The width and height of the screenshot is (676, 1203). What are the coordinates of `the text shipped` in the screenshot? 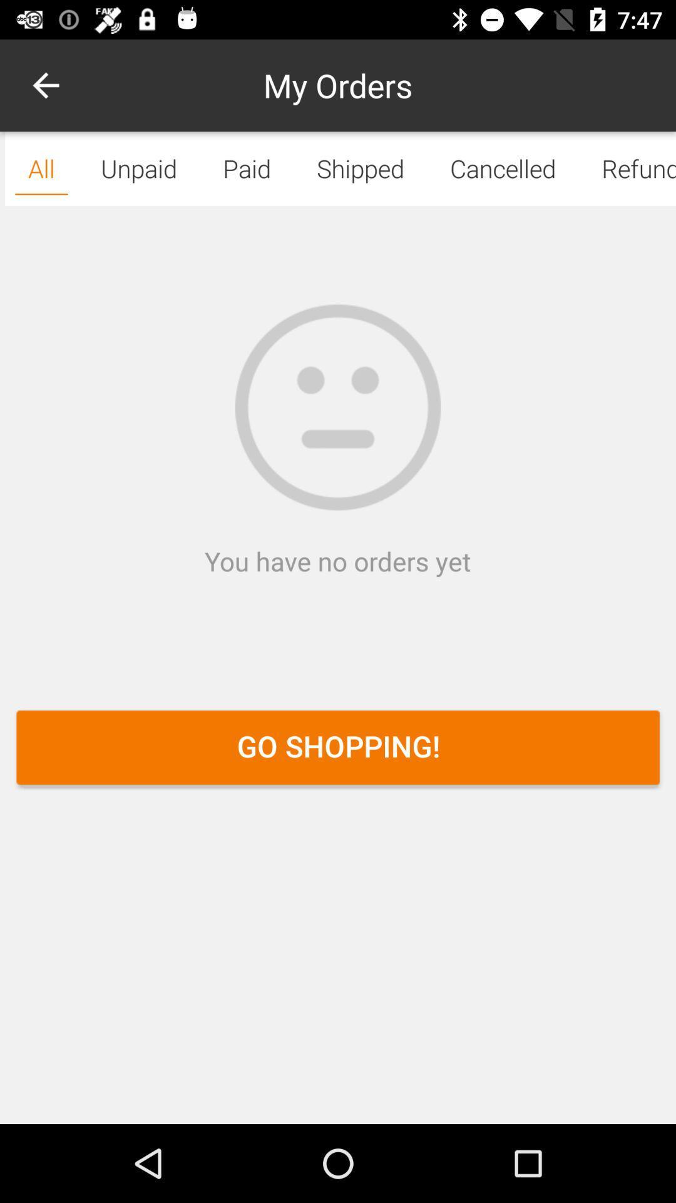 It's located at (361, 168).